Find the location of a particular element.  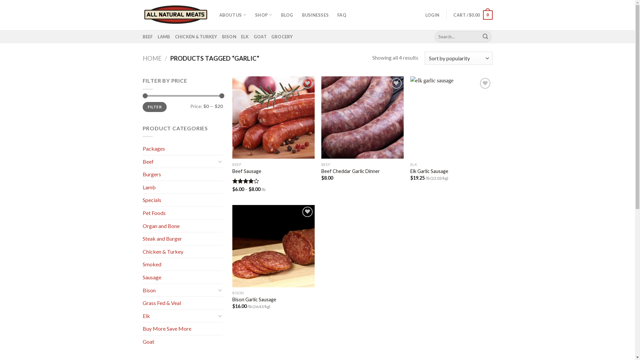

'BEEF' is located at coordinates (147, 37).